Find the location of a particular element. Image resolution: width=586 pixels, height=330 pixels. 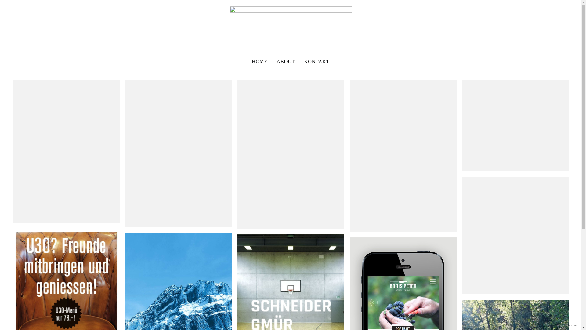

'ABOUT' is located at coordinates (285, 61).